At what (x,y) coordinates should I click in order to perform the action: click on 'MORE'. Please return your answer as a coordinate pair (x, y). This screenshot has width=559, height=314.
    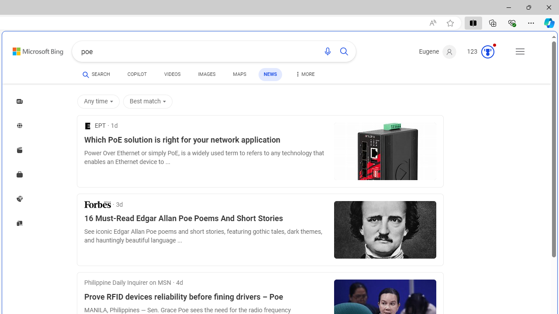
    Looking at the image, I should click on (304, 75).